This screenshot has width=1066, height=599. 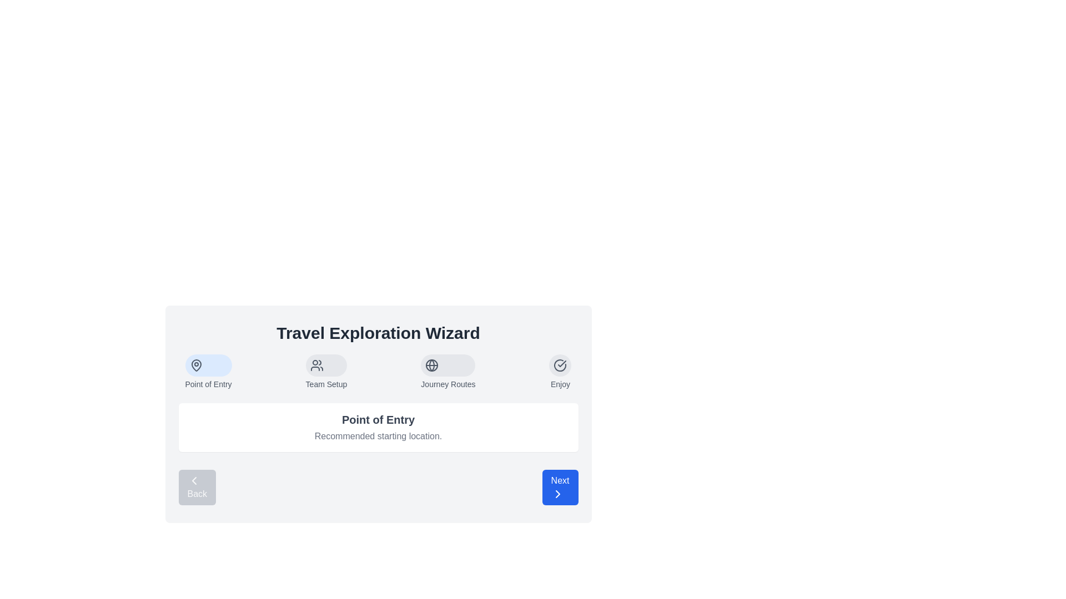 What do you see at coordinates (378, 435) in the screenshot?
I see `the text label displaying 'Recommended starting location.' located beneath the primary heading 'Point of Entry'` at bounding box center [378, 435].